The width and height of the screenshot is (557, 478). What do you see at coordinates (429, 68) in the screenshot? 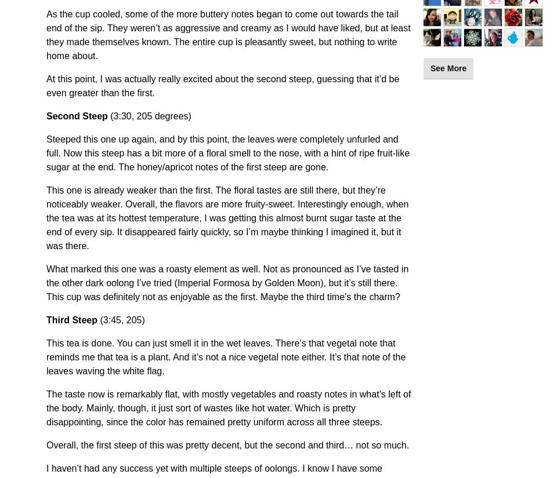
I see `'See More'` at bounding box center [429, 68].